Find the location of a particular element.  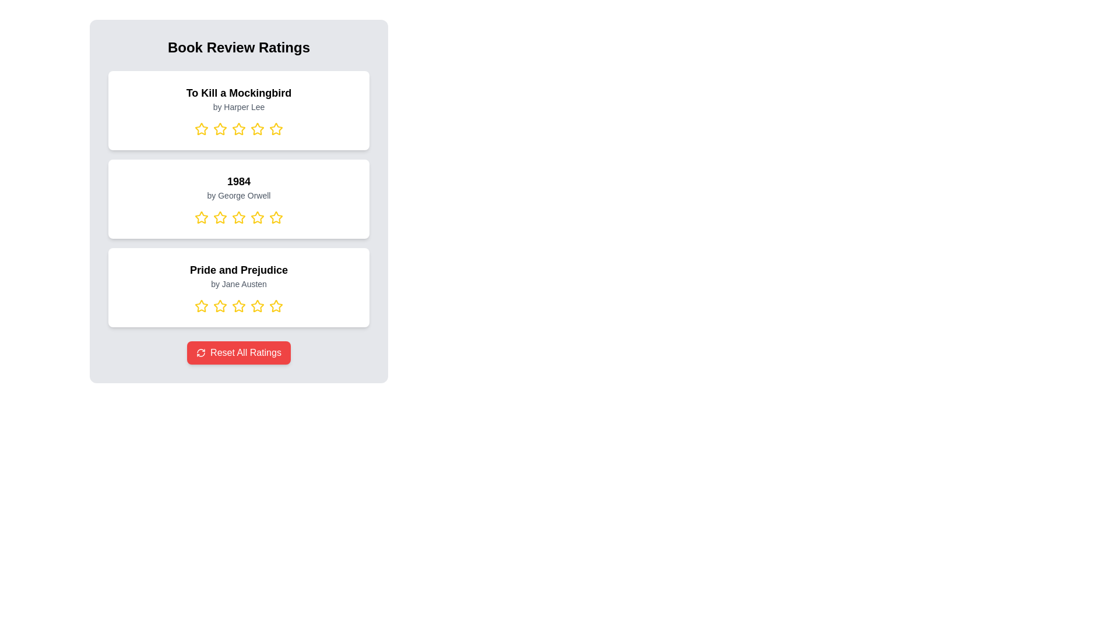

the rating for a book by selecting 2 stars for the book titled 1984 is located at coordinates (220, 218).